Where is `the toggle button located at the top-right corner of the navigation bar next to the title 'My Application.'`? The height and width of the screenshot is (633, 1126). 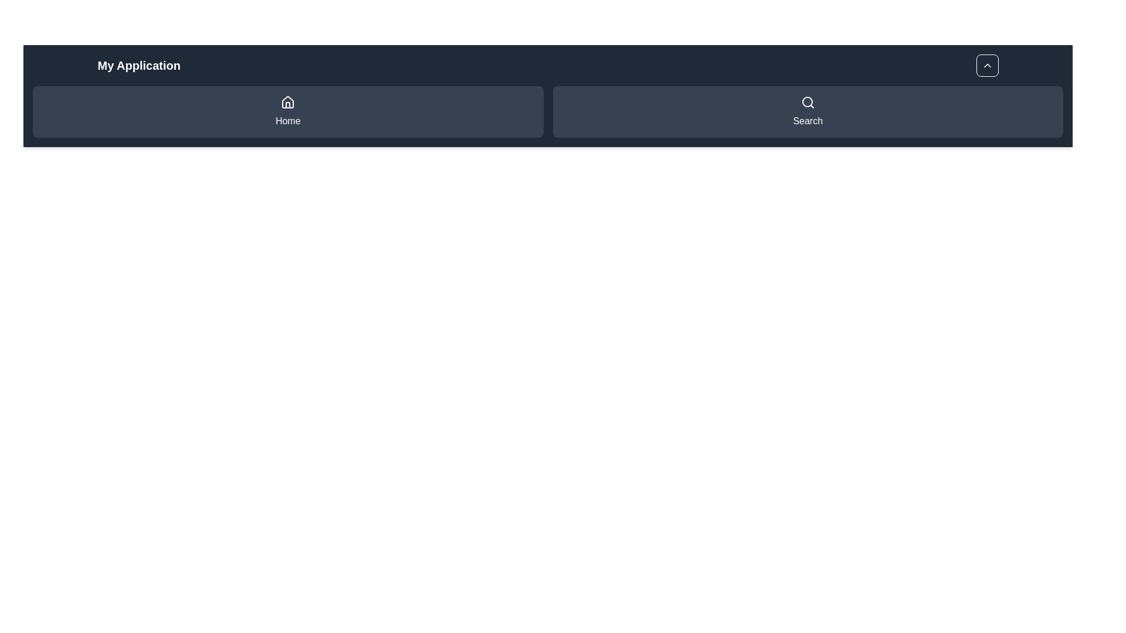
the toggle button located at the top-right corner of the navigation bar next to the title 'My Application.' is located at coordinates (986, 65).